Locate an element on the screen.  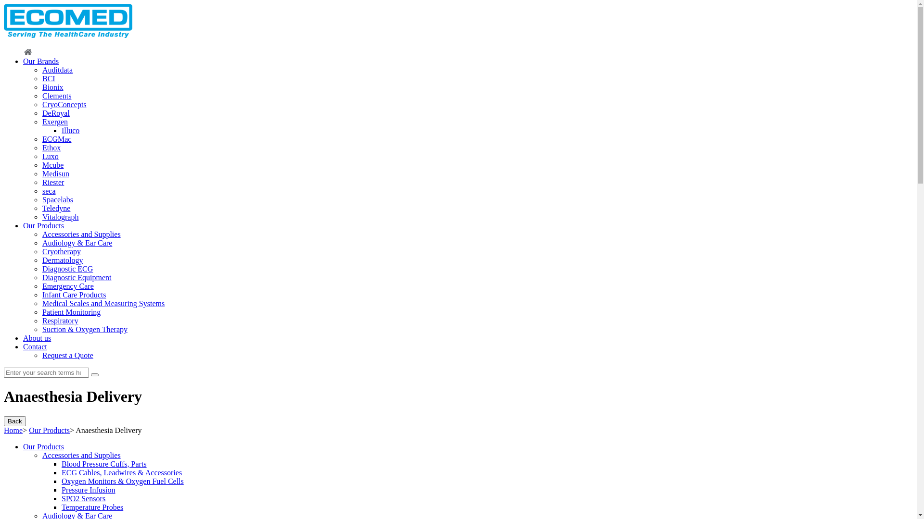
'Illuco' is located at coordinates (70, 130).